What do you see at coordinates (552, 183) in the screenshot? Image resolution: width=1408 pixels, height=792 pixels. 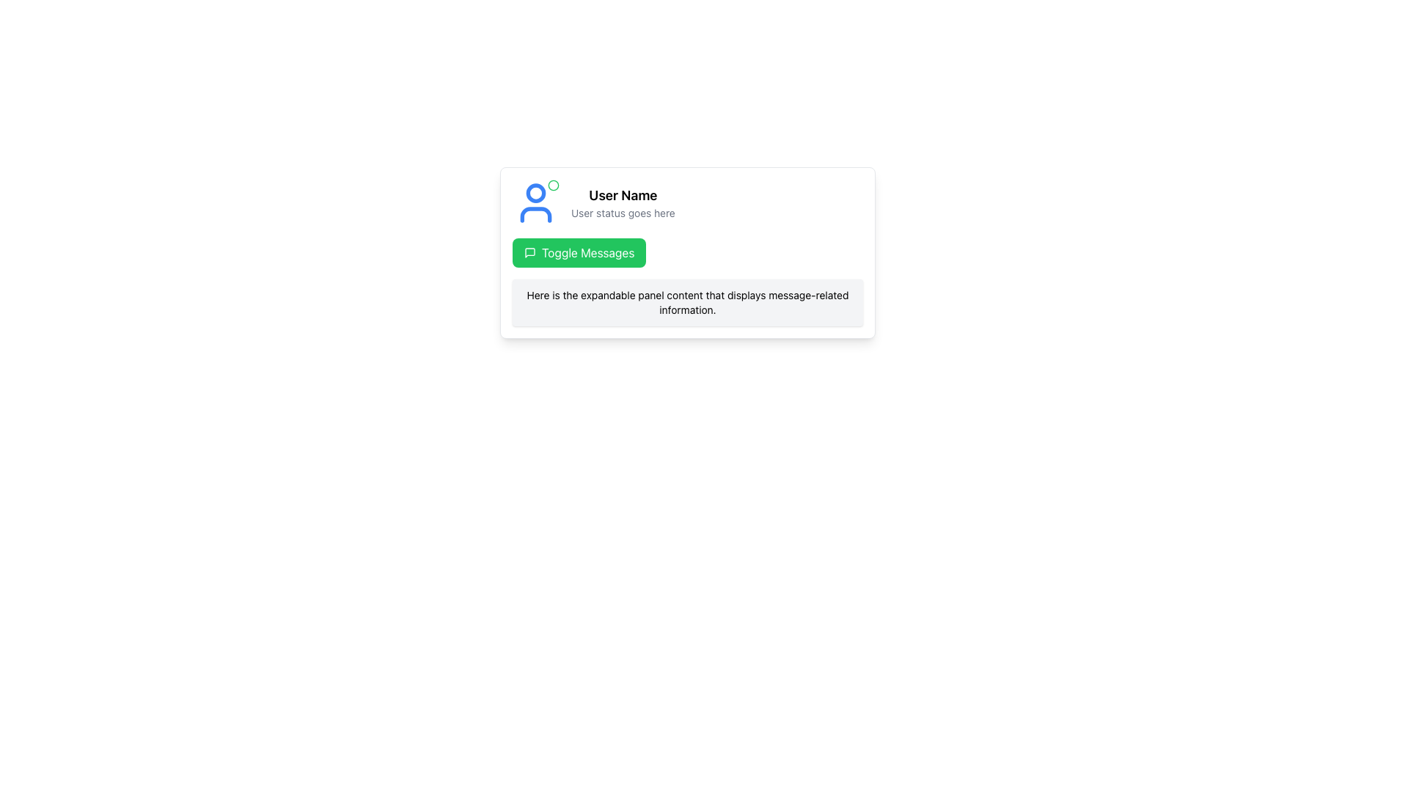 I see `the green circular status indicator located in the top-right corner of the user profile card` at bounding box center [552, 183].